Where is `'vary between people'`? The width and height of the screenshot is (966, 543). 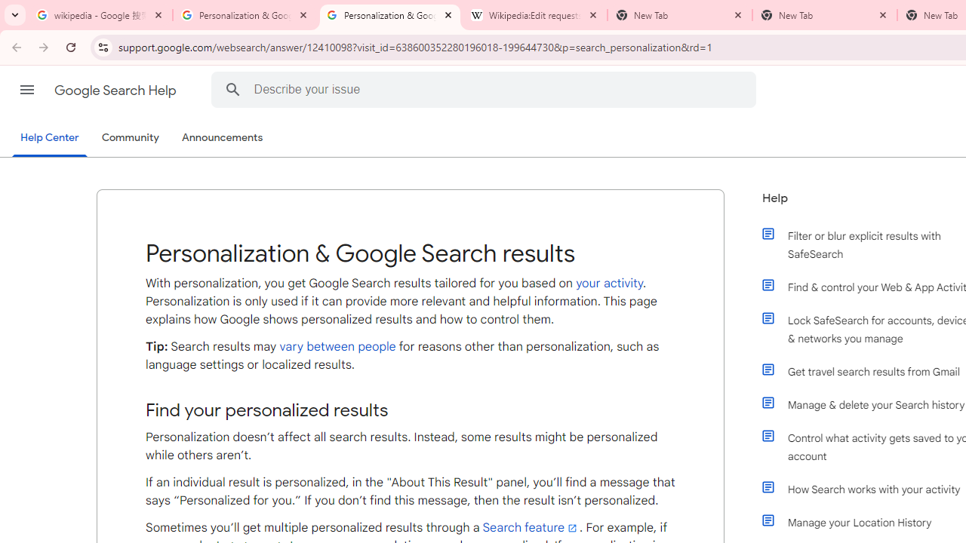 'vary between people' is located at coordinates (337, 347).